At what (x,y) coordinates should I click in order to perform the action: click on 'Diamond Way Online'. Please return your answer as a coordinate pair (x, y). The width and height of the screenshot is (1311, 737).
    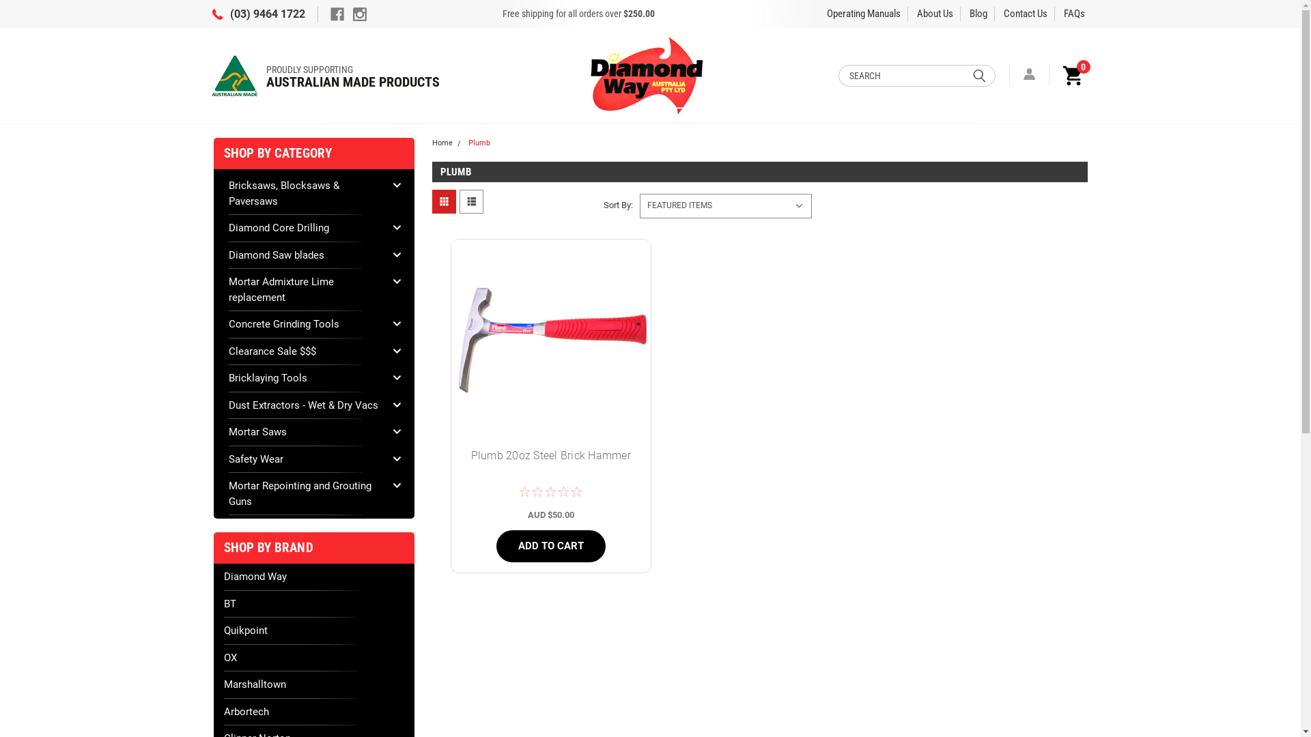
    Looking at the image, I should click on (648, 75).